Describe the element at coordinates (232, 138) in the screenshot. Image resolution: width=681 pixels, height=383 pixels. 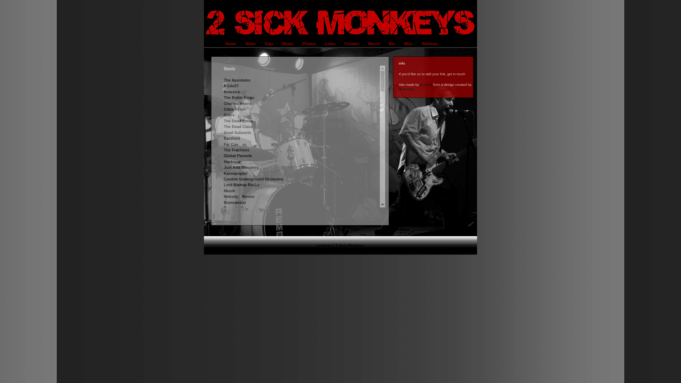
I see `'Eastfield'` at that location.